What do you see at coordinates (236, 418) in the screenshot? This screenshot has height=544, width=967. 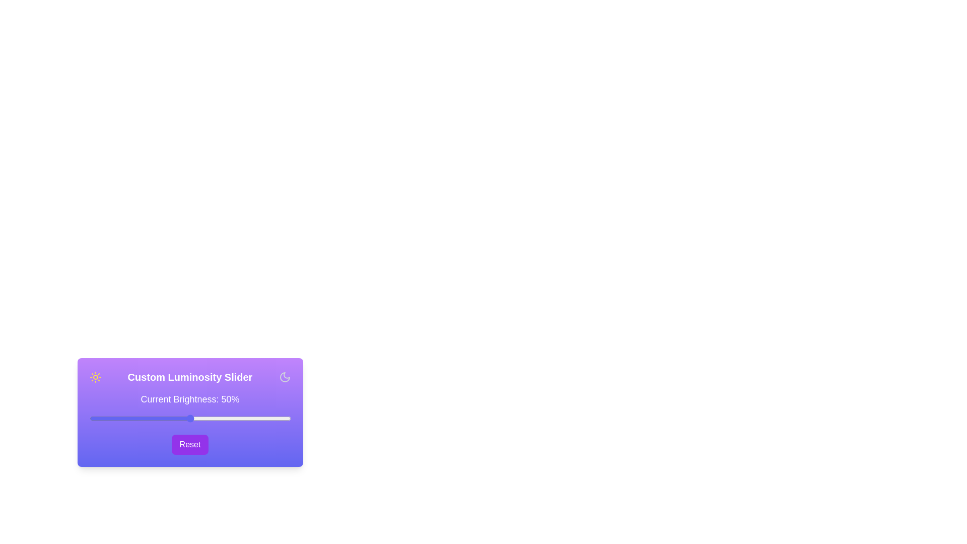 I see `brightness` at bounding box center [236, 418].